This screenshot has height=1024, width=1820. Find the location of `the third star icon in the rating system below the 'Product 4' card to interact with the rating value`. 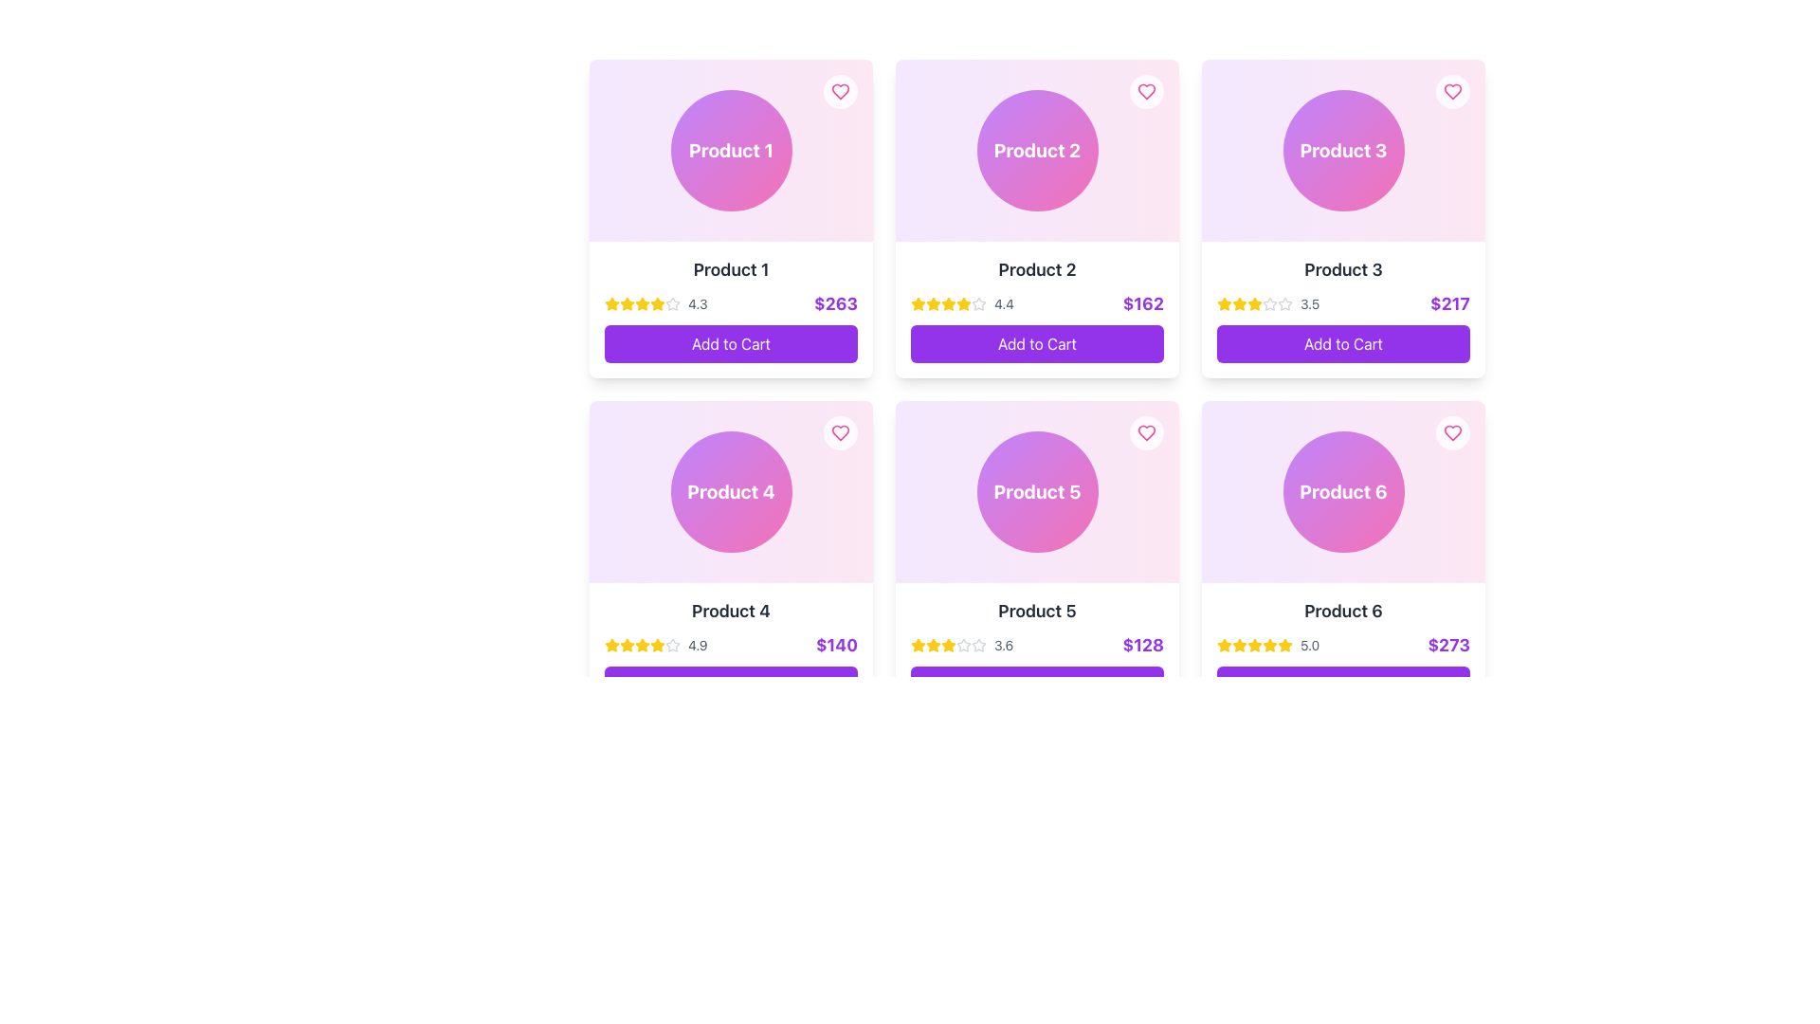

the third star icon in the rating system below the 'Product 4' card to interact with the rating value is located at coordinates (658, 644).